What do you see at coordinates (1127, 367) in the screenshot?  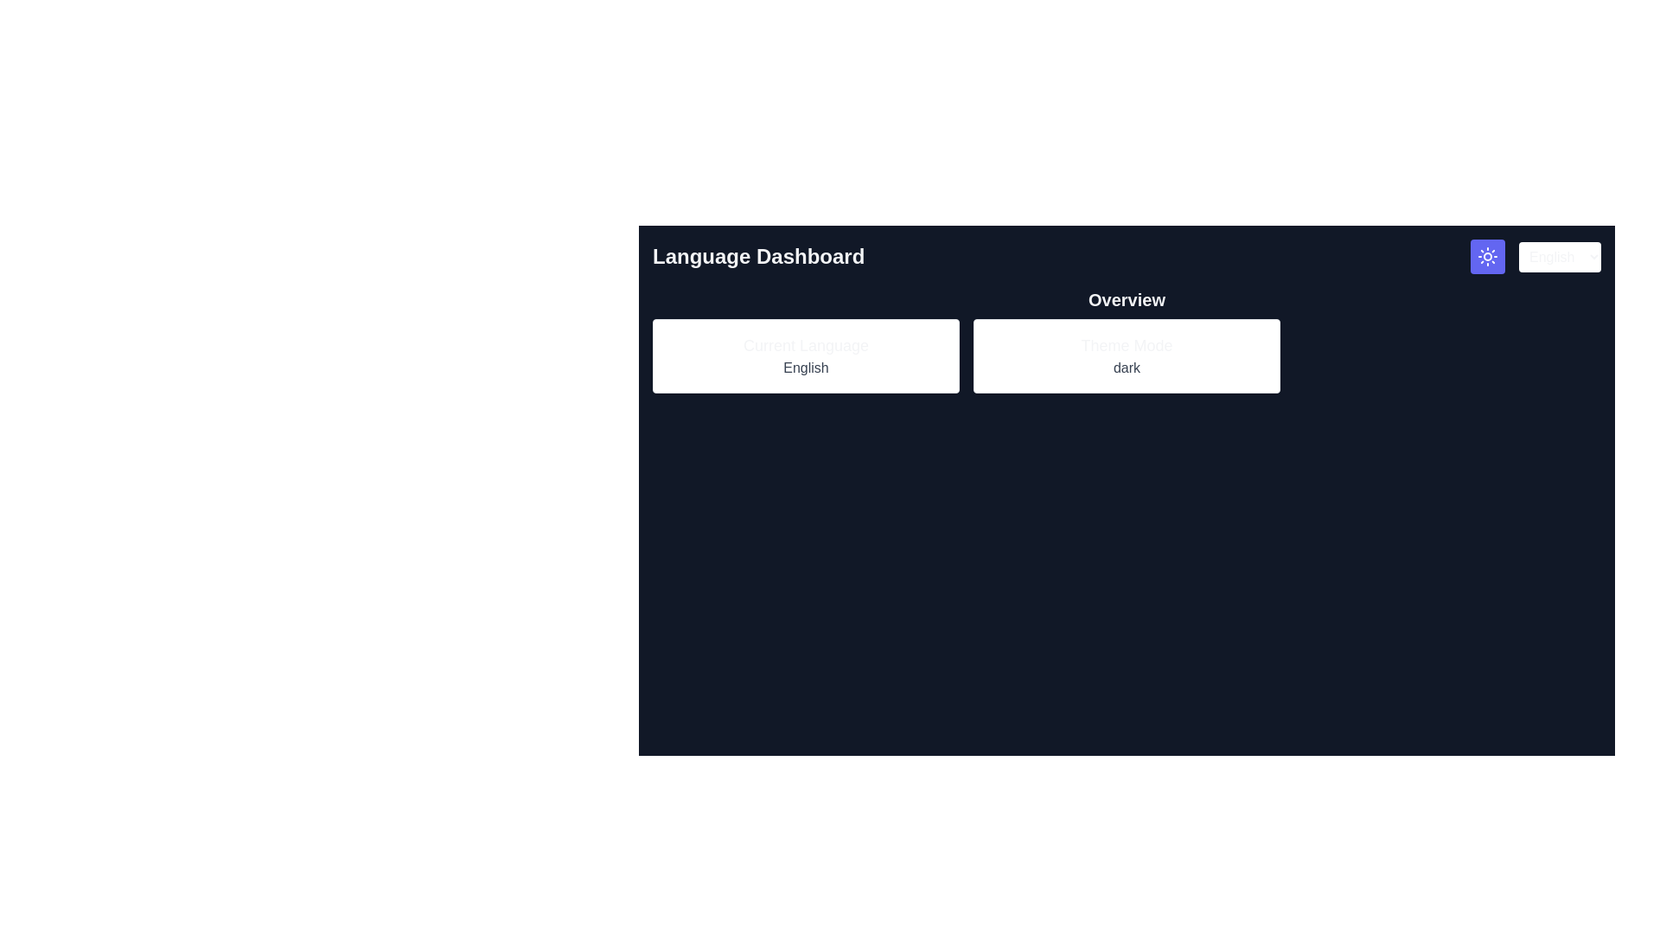 I see `the Text label that displays the current theme mode, which is 'dark', located below the 'Theme Mode' text in the 'Overview' section` at bounding box center [1127, 367].